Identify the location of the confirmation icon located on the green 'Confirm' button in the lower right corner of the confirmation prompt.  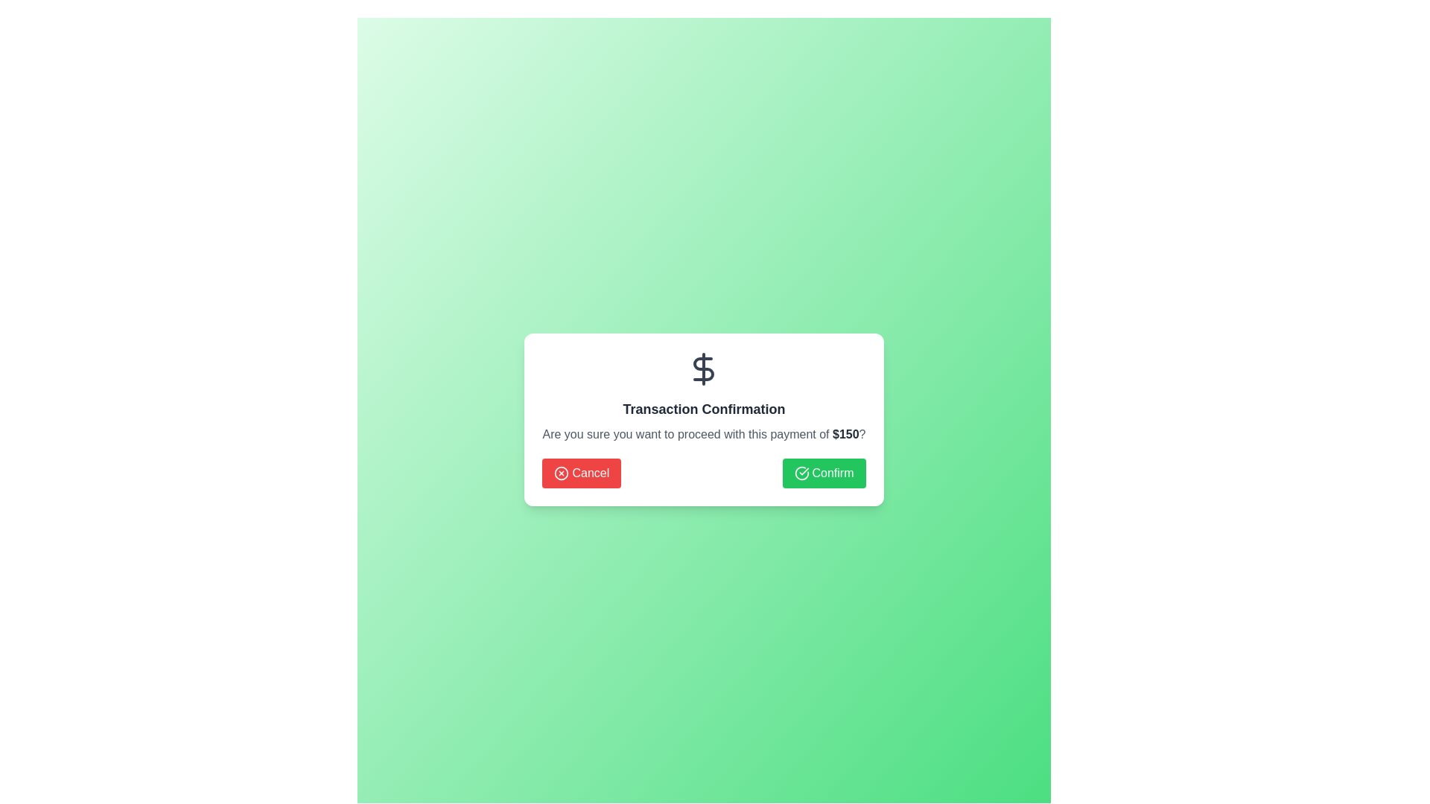
(801, 473).